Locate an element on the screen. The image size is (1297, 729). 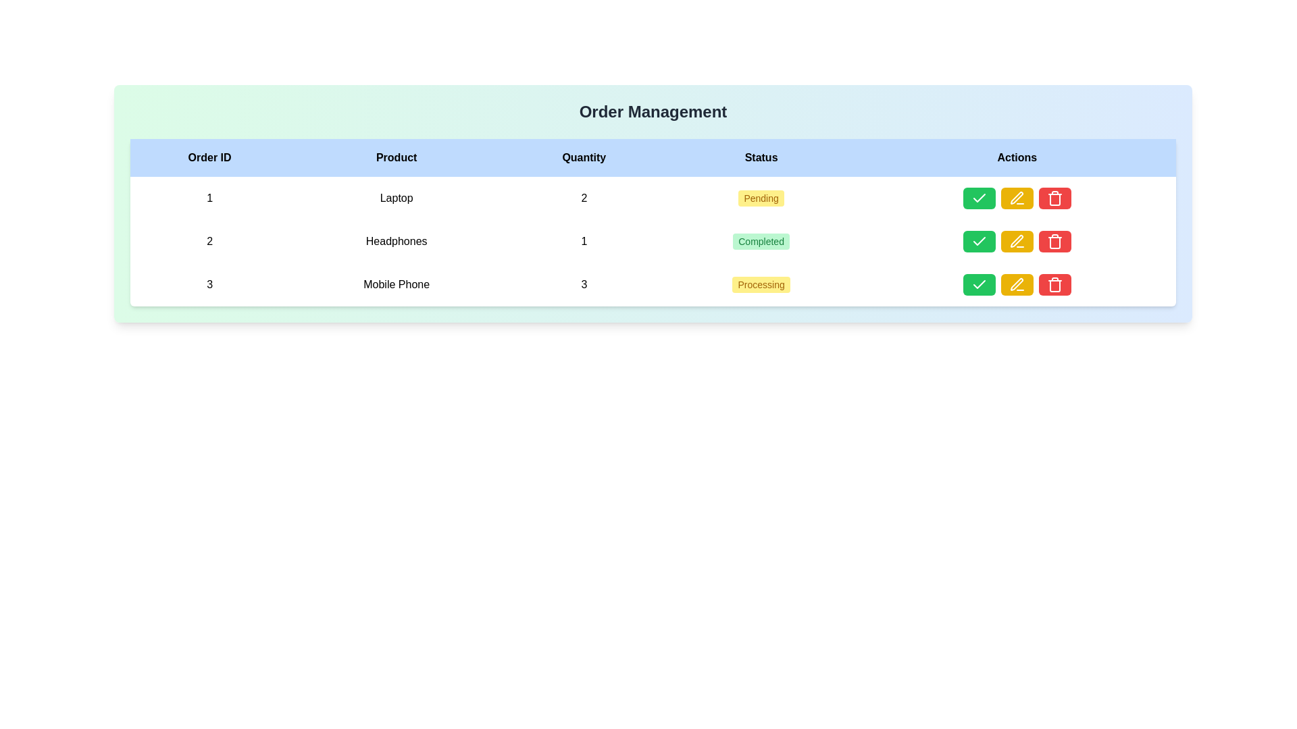
the header cell labeled 'Product' with a light blue background and black, centered text, which is the second header cell in the table header is located at coordinates (396, 157).